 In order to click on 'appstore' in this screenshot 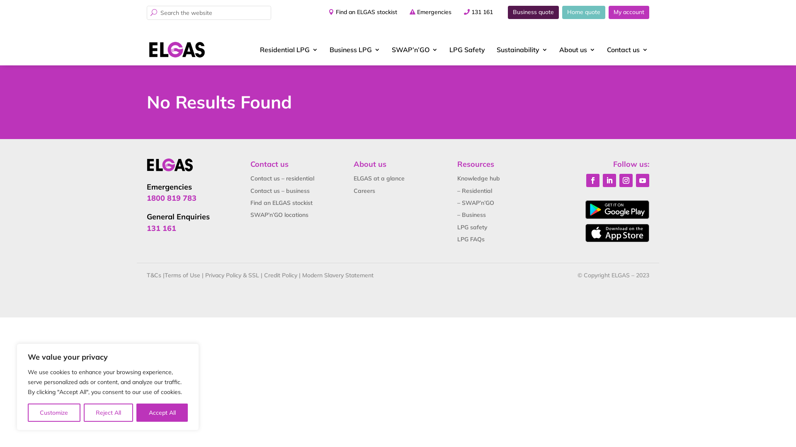, I will do `click(585, 233)`.